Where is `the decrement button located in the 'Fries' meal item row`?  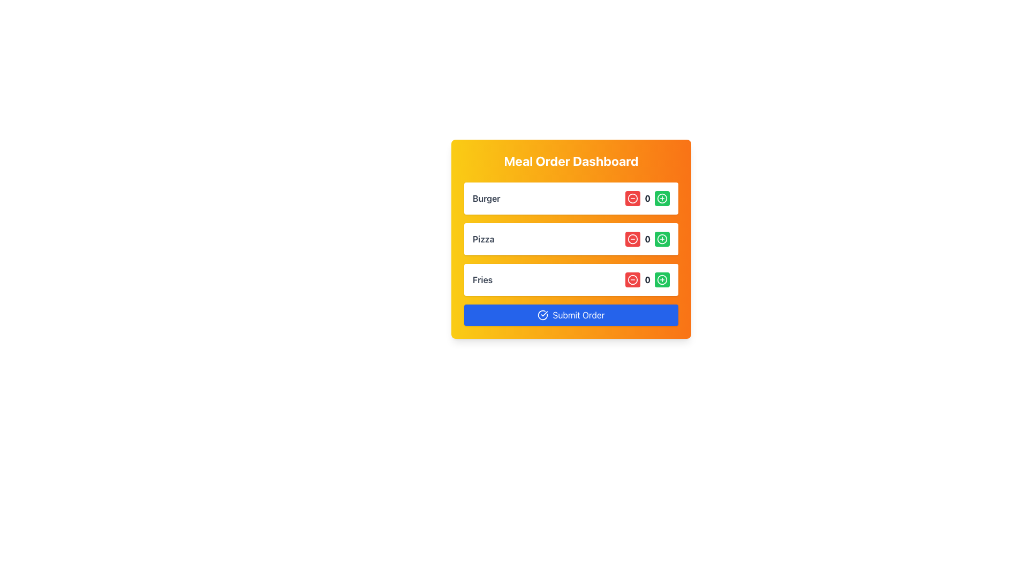
the decrement button located in the 'Fries' meal item row is located at coordinates (633, 279).